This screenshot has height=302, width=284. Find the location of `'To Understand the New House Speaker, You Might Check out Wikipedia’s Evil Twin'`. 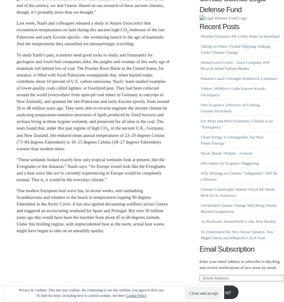

'To Understand the New House Speaker, You Might Check out Wikipedia’s Evil Twin' is located at coordinates (236, 234).